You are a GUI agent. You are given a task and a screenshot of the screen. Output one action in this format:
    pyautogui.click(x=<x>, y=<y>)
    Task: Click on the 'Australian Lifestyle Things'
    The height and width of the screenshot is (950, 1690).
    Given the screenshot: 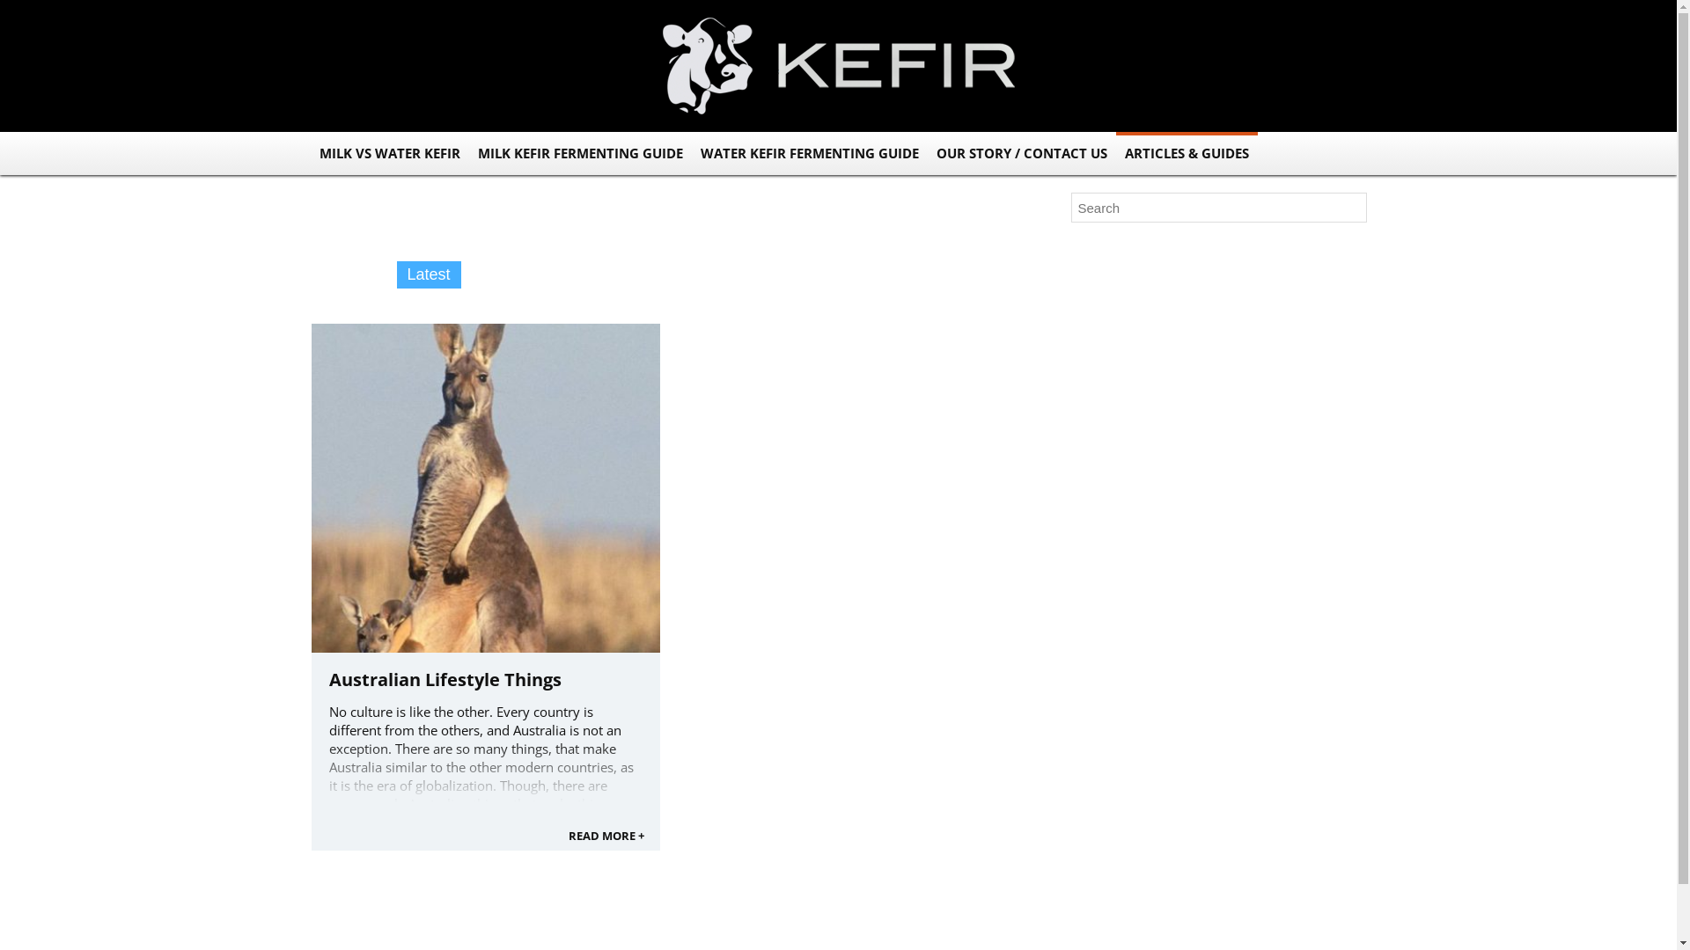 What is the action you would take?
    pyautogui.click(x=445, y=678)
    